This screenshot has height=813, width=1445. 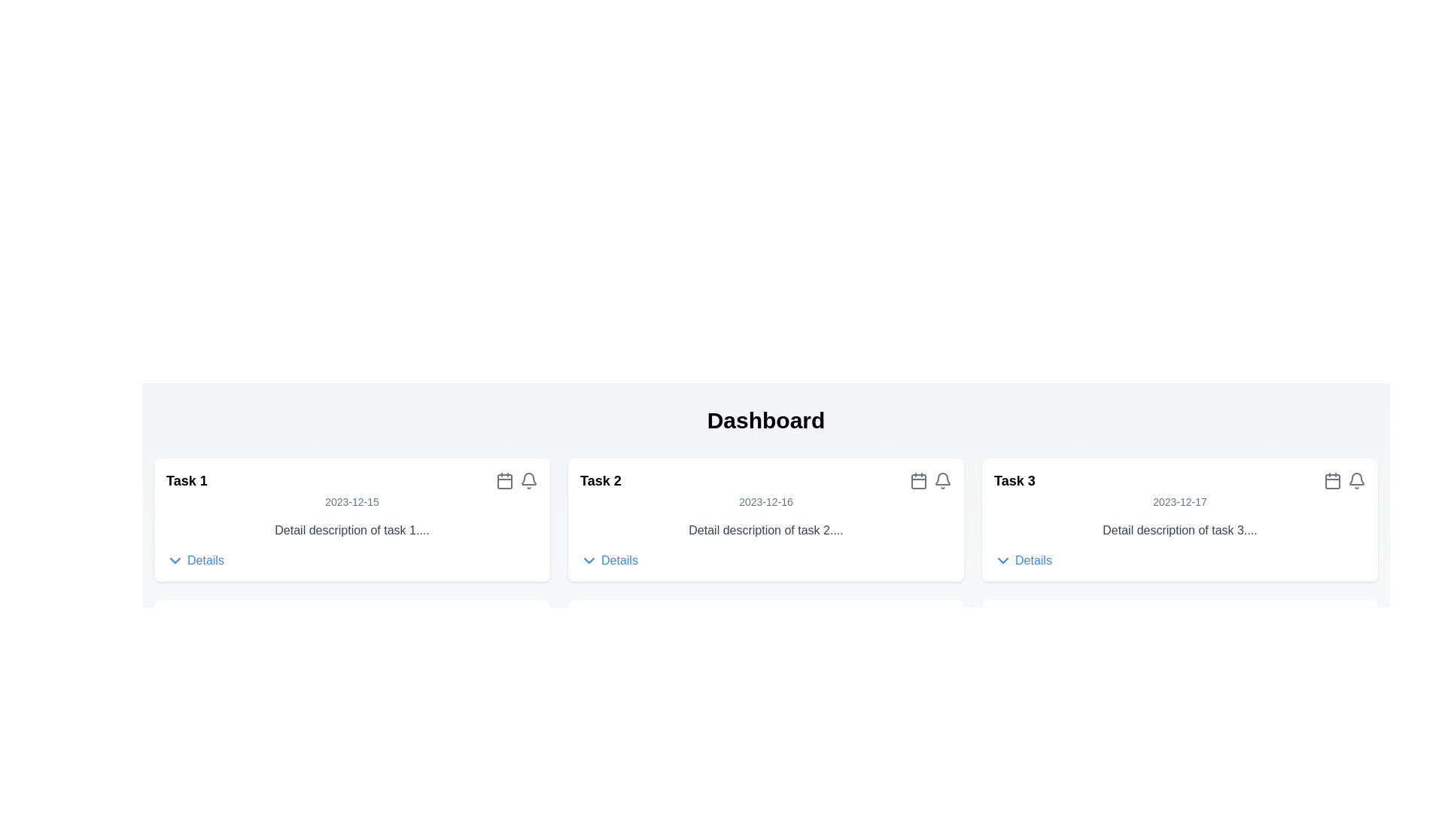 I want to click on the calendar icon, which is the first icon in a group located at the top-right corner of the 'Task 1' card, so click(x=516, y=481).